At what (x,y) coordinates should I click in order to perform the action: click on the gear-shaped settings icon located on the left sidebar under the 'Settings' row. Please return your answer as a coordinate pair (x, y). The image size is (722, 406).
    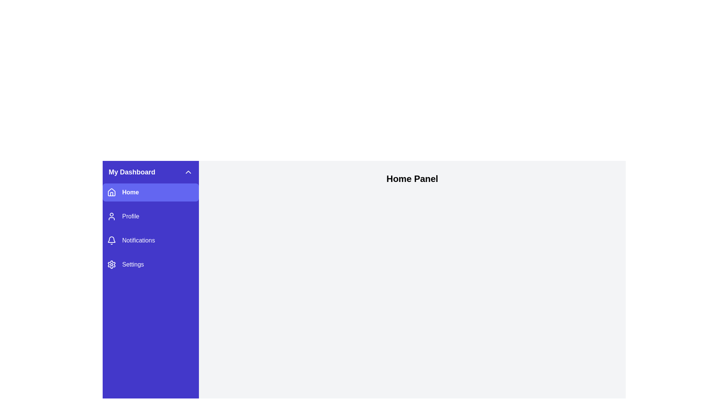
    Looking at the image, I should click on (111, 264).